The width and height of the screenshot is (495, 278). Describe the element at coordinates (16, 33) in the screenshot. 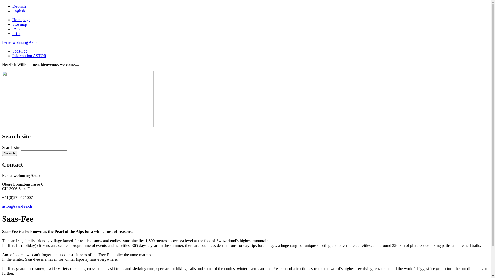

I see `'Print'` at that location.